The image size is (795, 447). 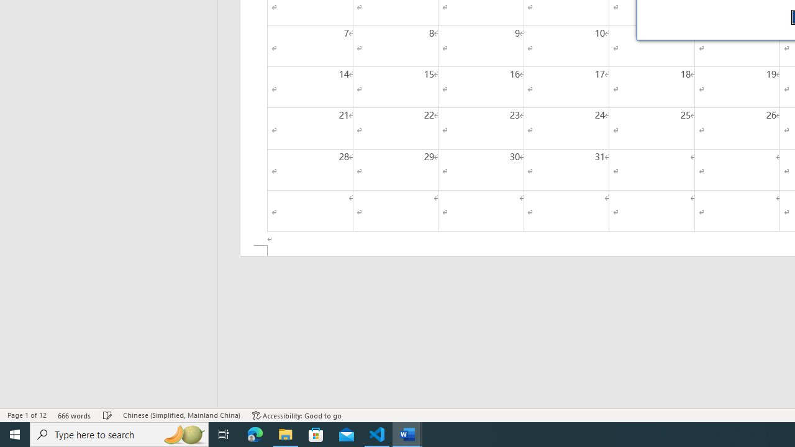 I want to click on 'Start', so click(x=15, y=433).